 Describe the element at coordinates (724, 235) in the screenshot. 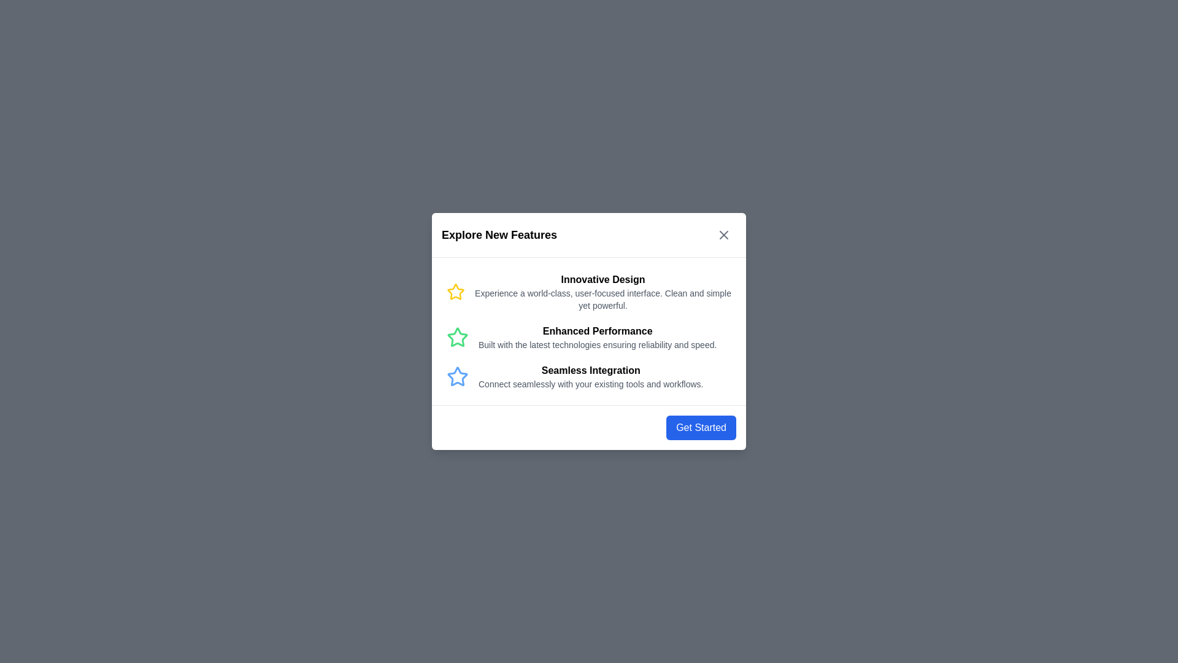

I see `the close button with an 'X' icon located in the top-right corner of the 'Explore New Features' panel` at that location.